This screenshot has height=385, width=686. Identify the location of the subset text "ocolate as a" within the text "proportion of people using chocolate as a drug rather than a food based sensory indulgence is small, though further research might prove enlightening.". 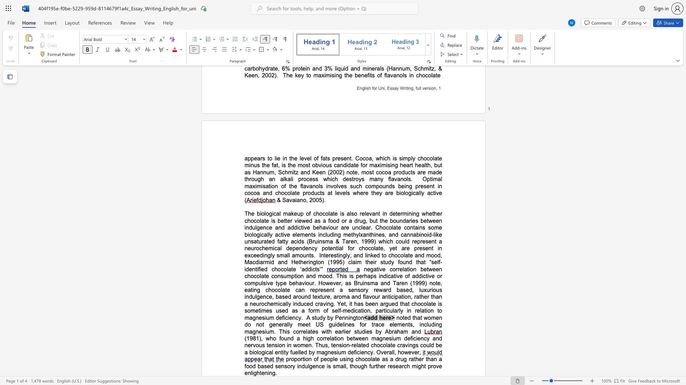
(361, 359).